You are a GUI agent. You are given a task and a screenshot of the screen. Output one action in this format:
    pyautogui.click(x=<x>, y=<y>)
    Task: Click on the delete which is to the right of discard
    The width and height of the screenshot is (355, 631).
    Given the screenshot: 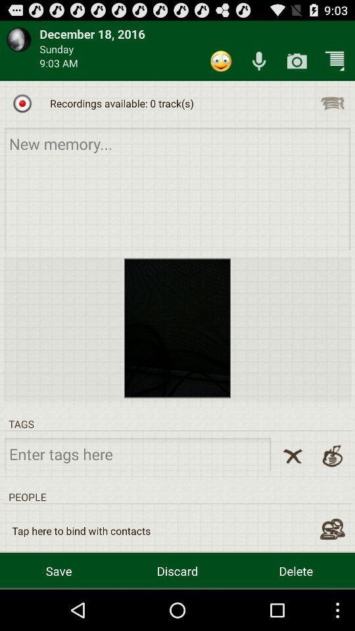 What is the action you would take?
    pyautogui.click(x=296, y=570)
    